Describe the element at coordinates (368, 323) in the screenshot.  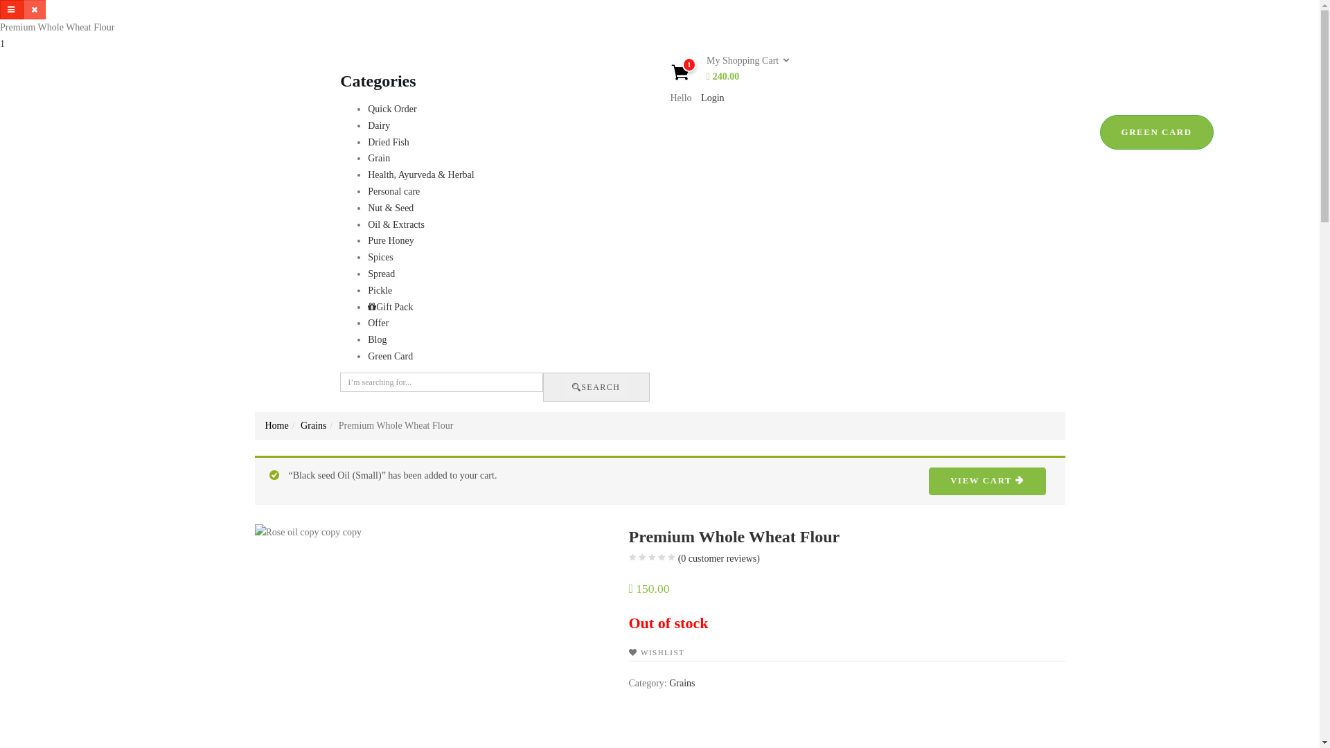
I see `'Offer'` at that location.